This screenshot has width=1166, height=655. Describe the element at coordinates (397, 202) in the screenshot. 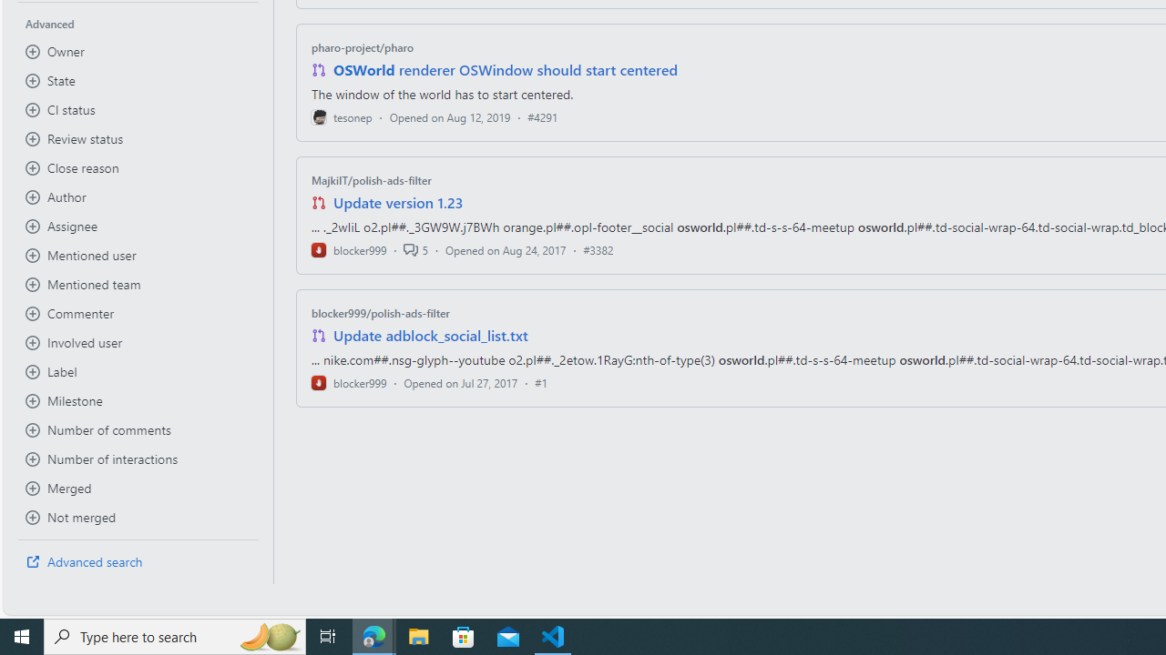

I see `'Update version 1.23'` at that location.